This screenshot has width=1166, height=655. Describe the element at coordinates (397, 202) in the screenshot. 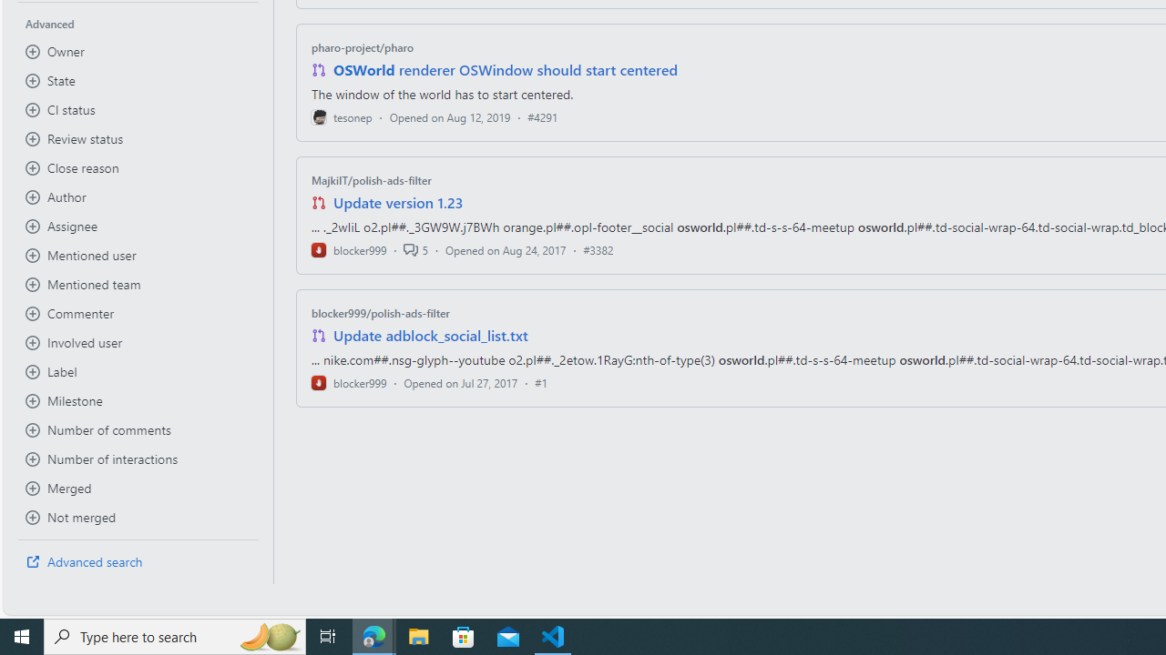

I see `'Update version 1.23'` at that location.